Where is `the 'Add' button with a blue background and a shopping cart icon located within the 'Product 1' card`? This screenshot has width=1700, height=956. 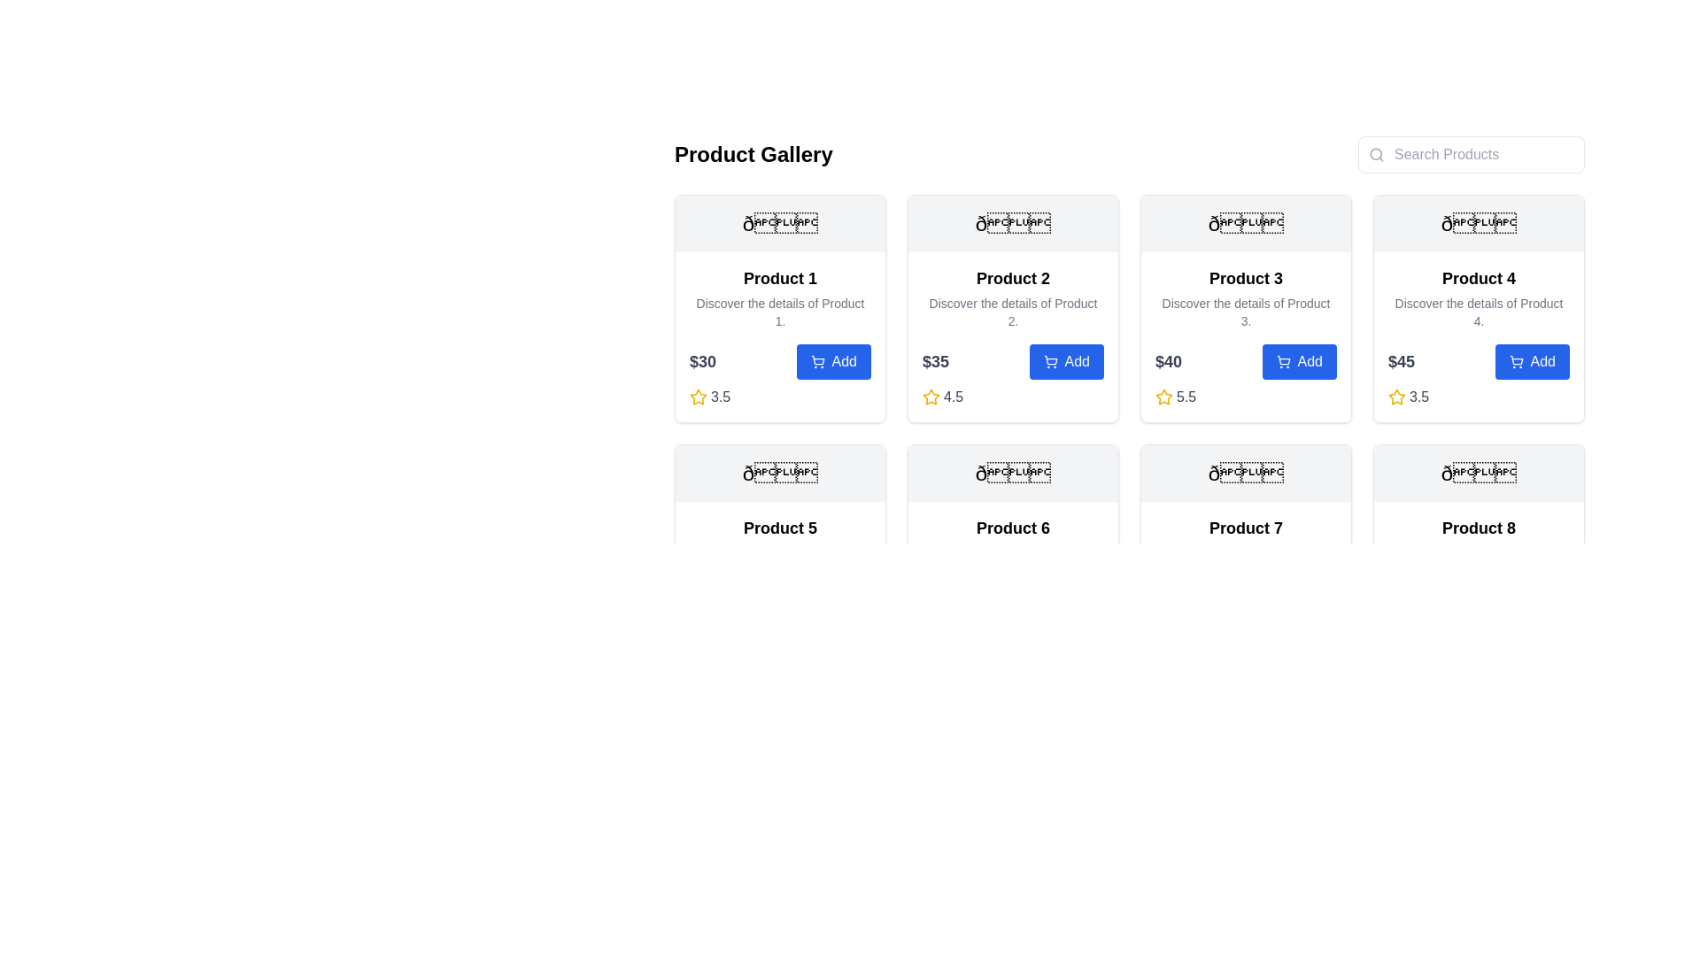
the 'Add' button with a blue background and a shopping cart icon located within the 'Product 1' card is located at coordinates (832, 360).